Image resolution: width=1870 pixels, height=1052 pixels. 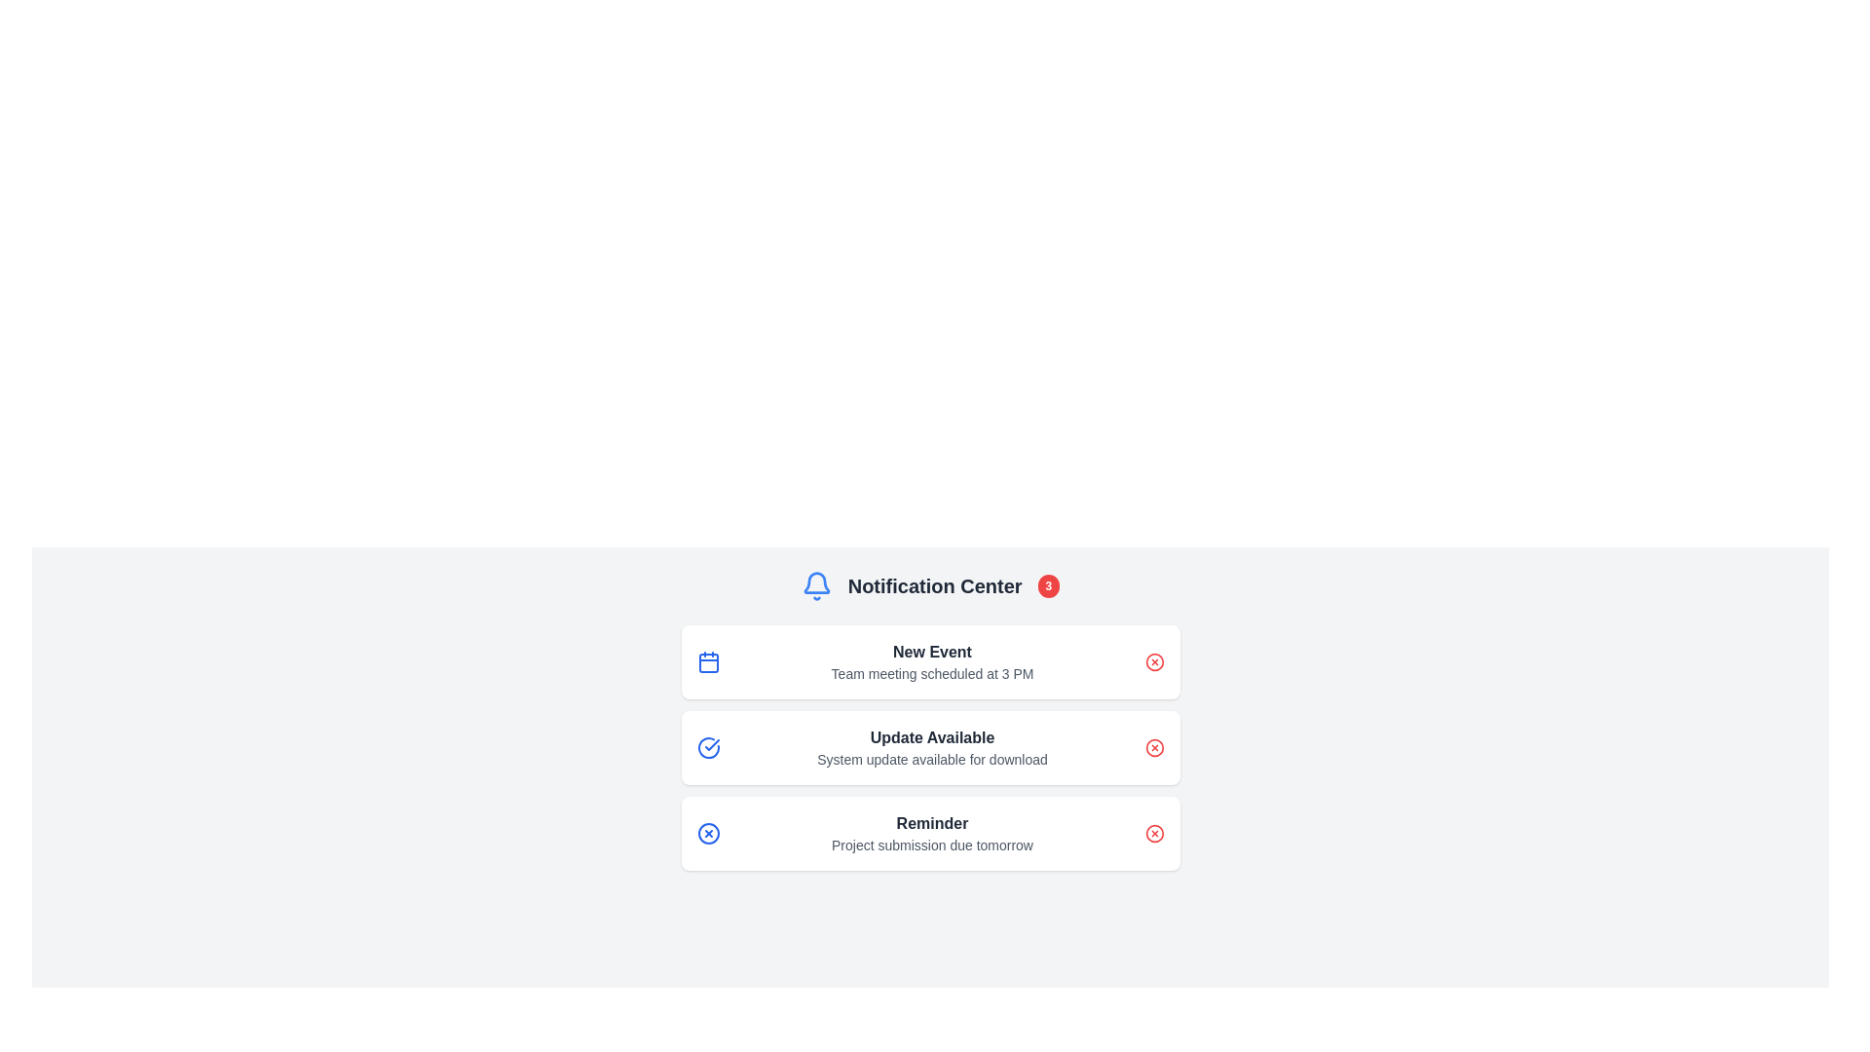 What do you see at coordinates (931, 746) in the screenshot?
I see `the 'Update Available' notification text block, which is the second card in the Notification Center, displaying a message about a system update` at bounding box center [931, 746].